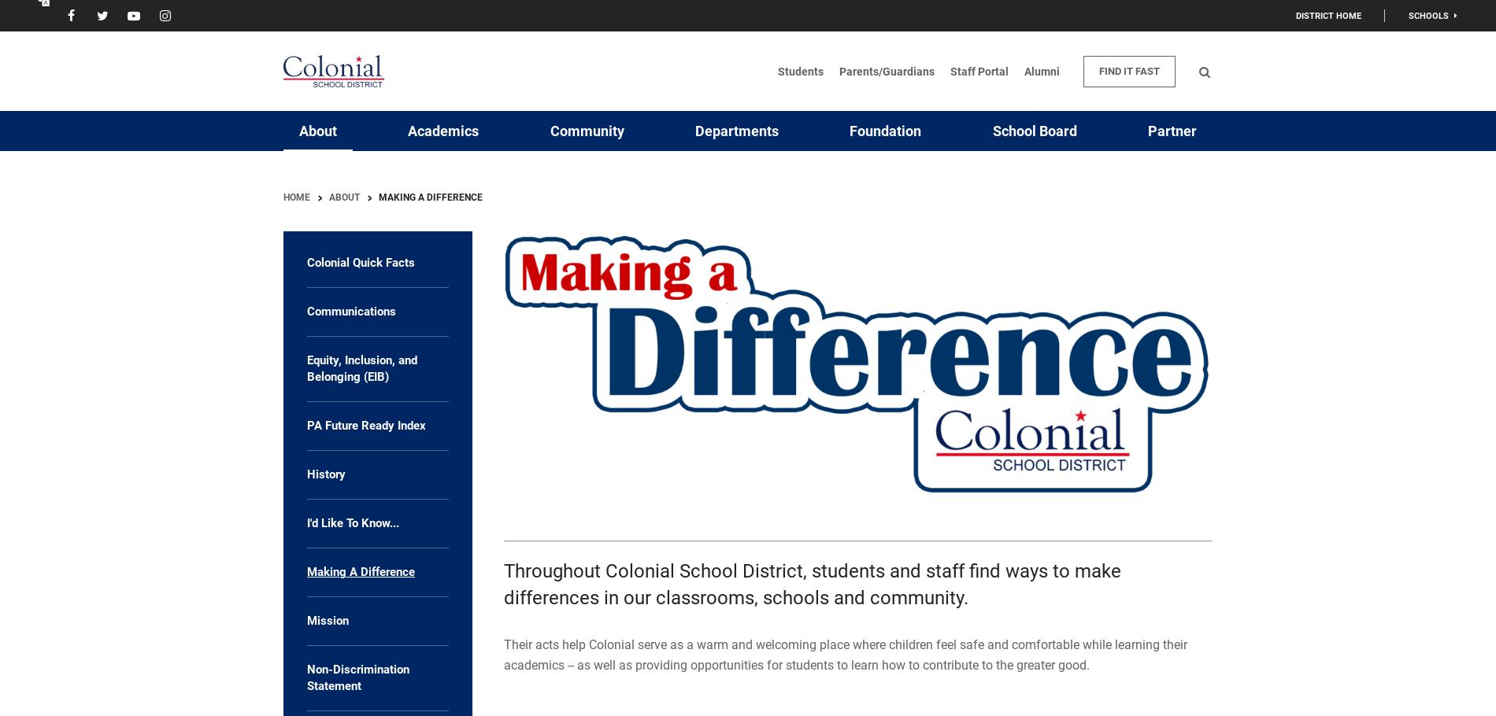  Describe the element at coordinates (357, 677) in the screenshot. I see `'Non-Discrimination Statement'` at that location.